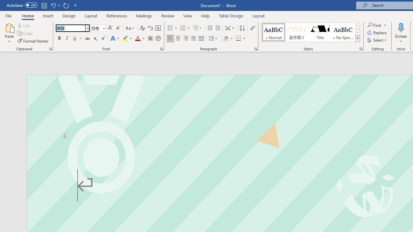 The height and width of the screenshot is (232, 413). Describe the element at coordinates (55, 5) in the screenshot. I see `'Undo Text Fill Effect'` at that location.